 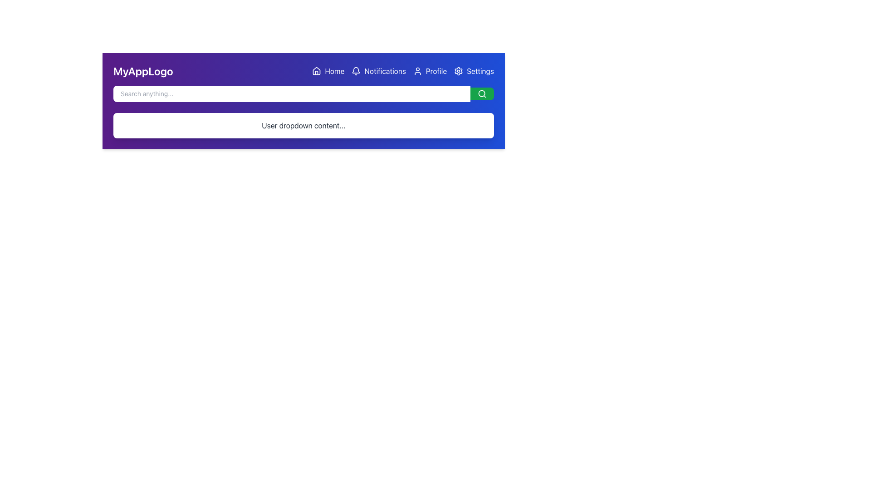 What do you see at coordinates (316, 71) in the screenshot?
I see `the 'Home' icon located at the far left of the 'Home' text in the navigation bar` at bounding box center [316, 71].